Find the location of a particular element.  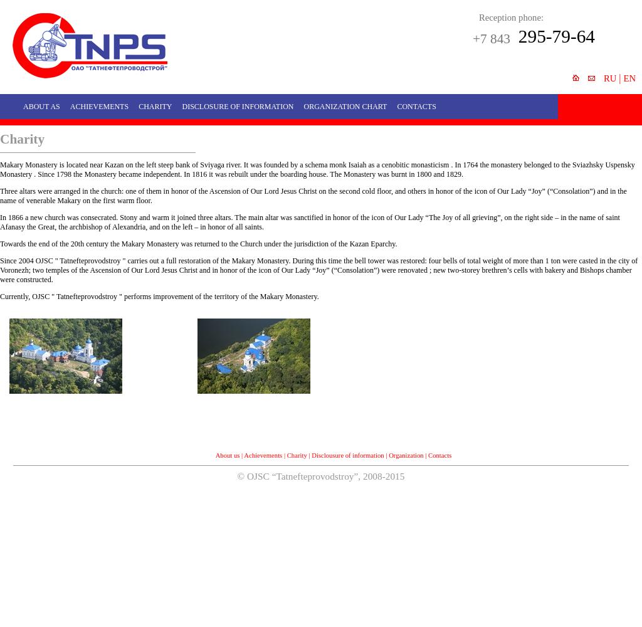

'+7 843' is located at coordinates (491, 39).